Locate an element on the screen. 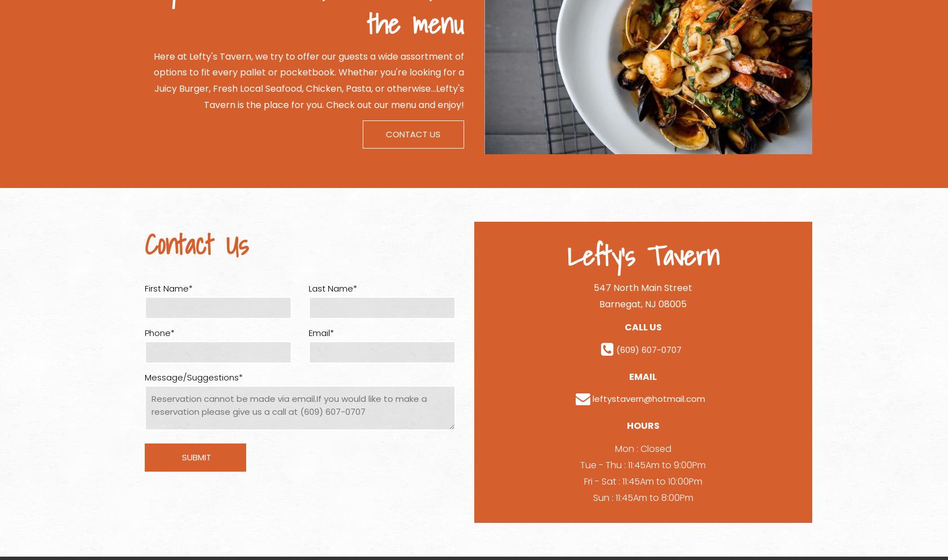  '(609) 607-0707' is located at coordinates (648, 349).